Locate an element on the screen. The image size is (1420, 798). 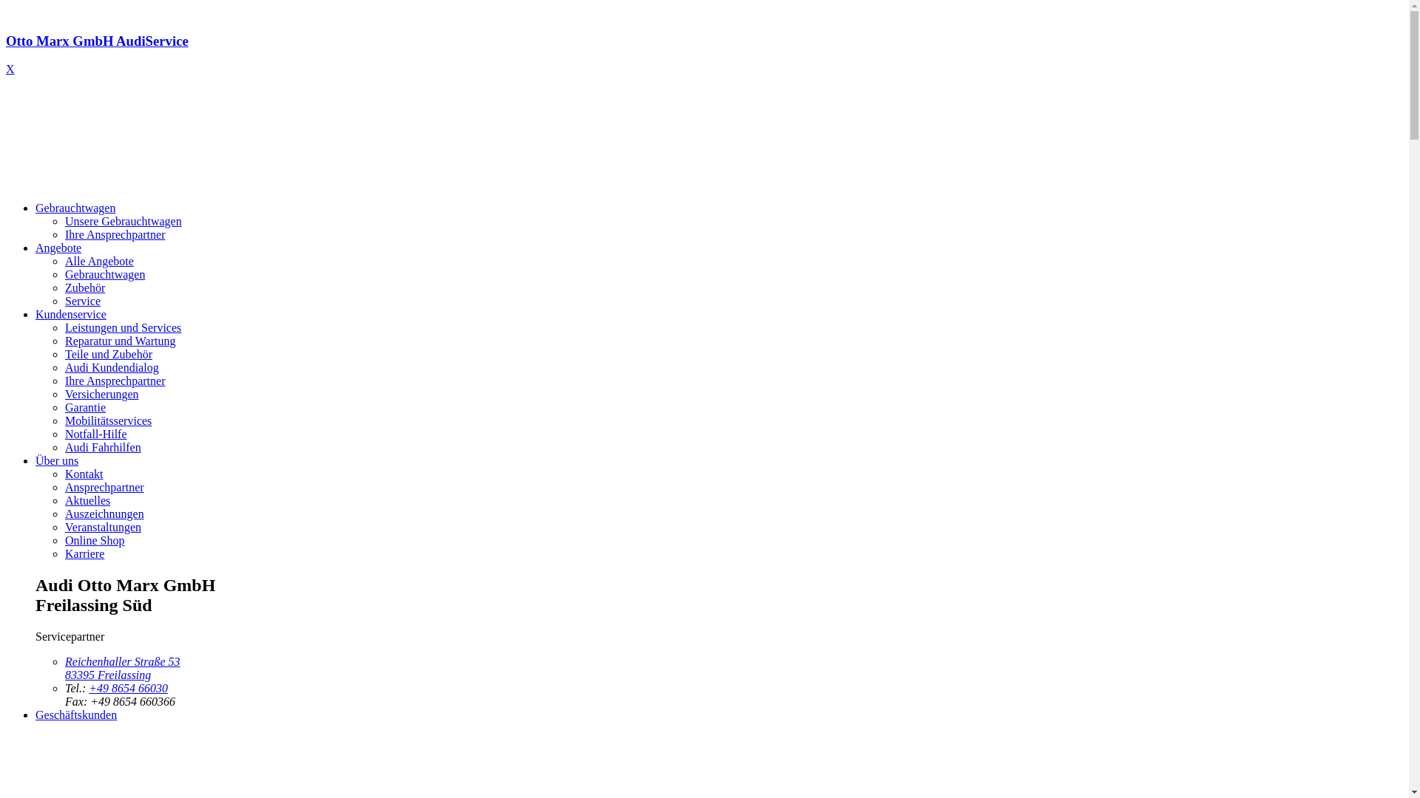
'Ansprechpartner' is located at coordinates (104, 487).